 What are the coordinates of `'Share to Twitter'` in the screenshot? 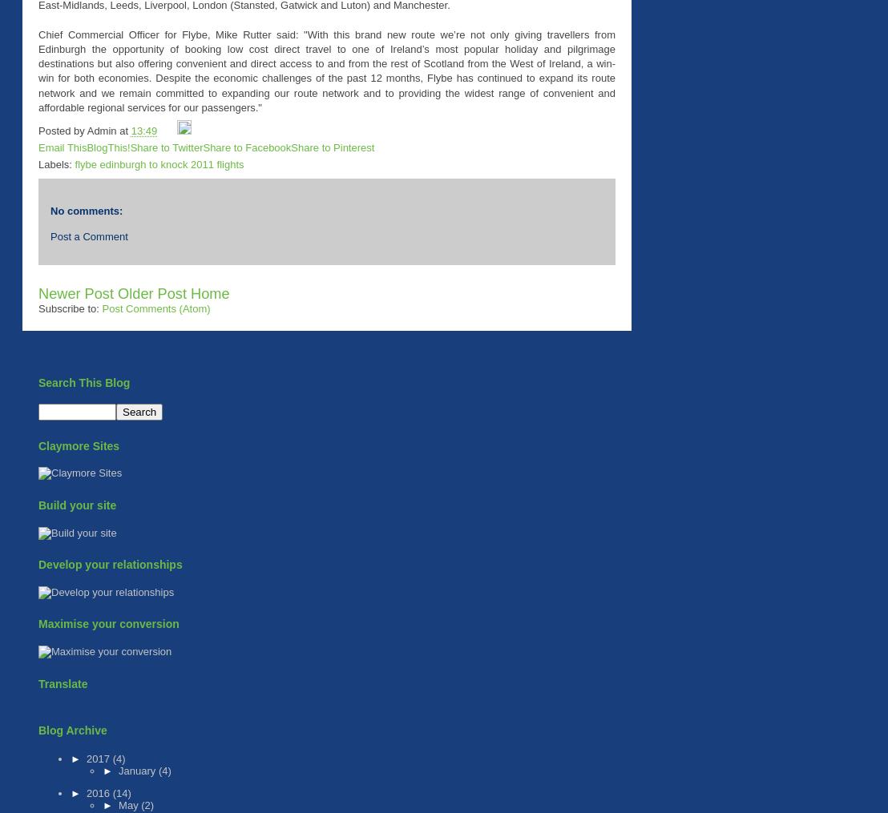 It's located at (166, 147).